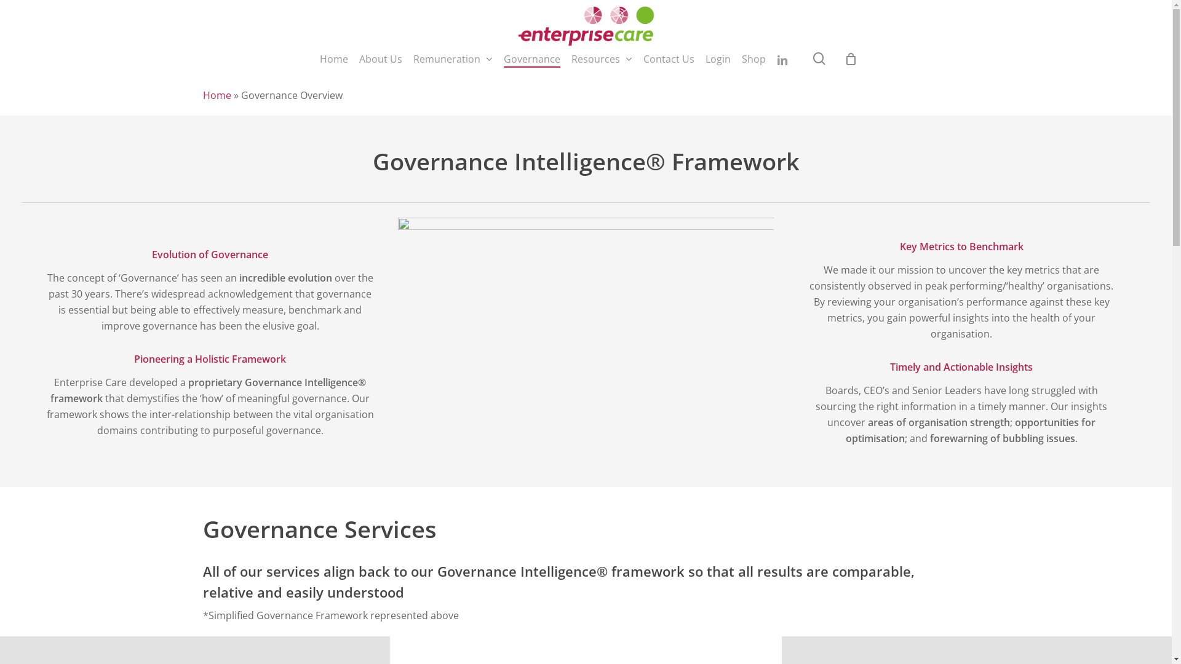 The width and height of the screenshot is (1181, 664). I want to click on 'Shop', so click(753, 59).